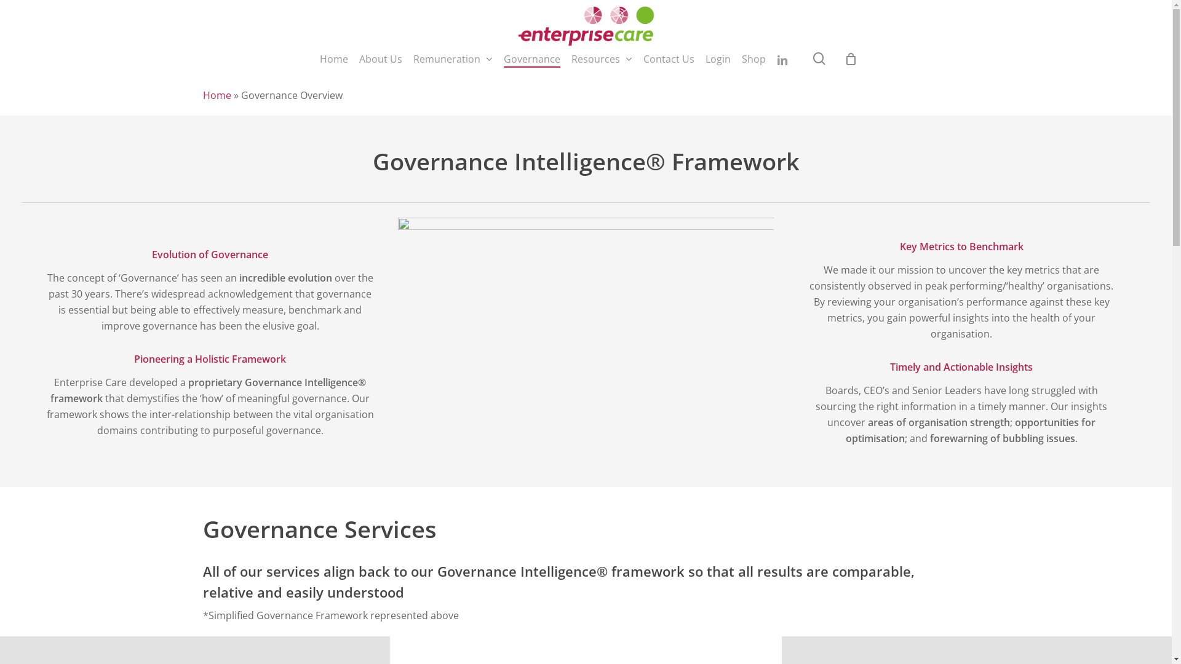 The width and height of the screenshot is (1181, 664). I want to click on 'Shop', so click(753, 59).